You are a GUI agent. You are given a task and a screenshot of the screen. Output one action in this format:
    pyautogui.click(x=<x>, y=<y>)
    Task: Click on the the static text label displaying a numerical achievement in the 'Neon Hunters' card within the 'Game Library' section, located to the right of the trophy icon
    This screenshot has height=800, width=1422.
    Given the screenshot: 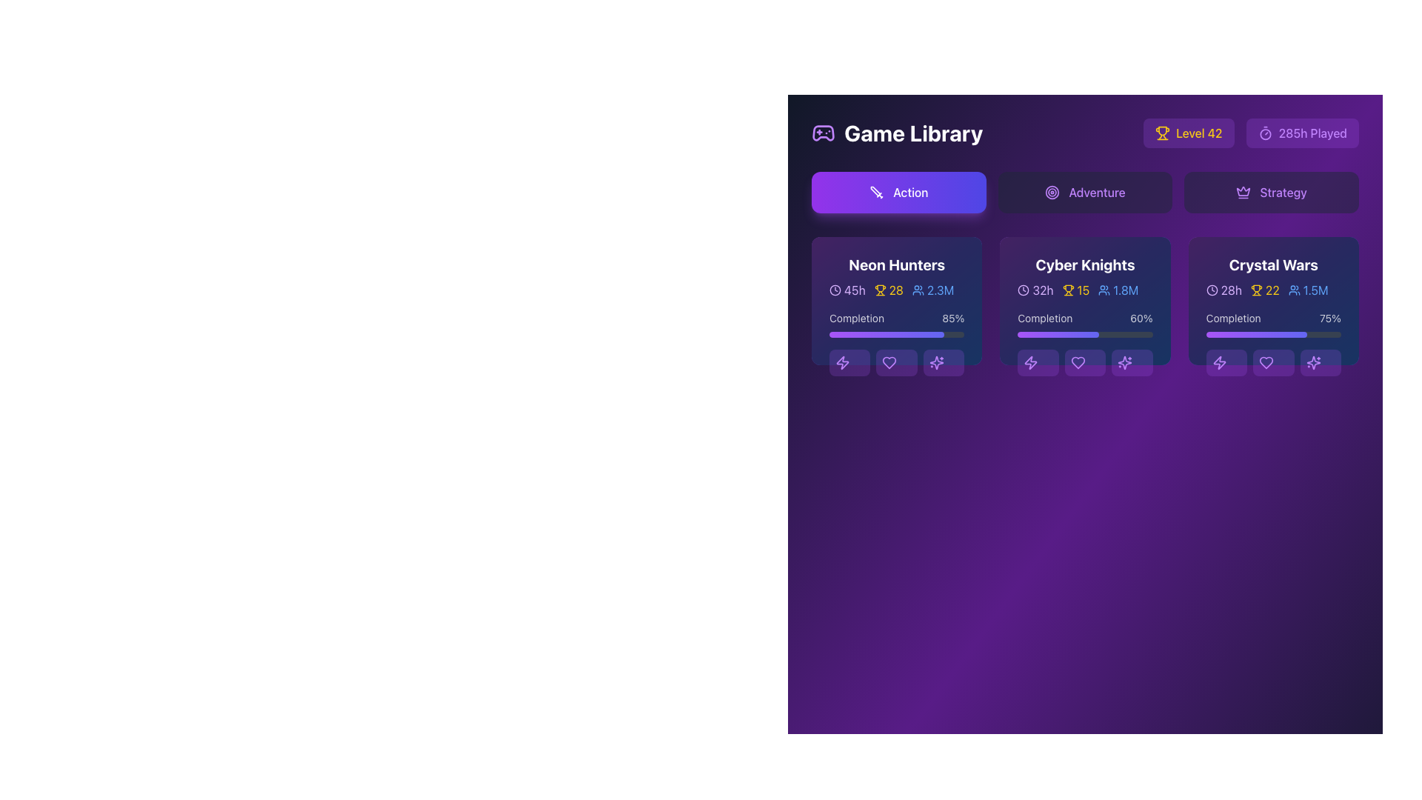 What is the action you would take?
    pyautogui.click(x=895, y=290)
    